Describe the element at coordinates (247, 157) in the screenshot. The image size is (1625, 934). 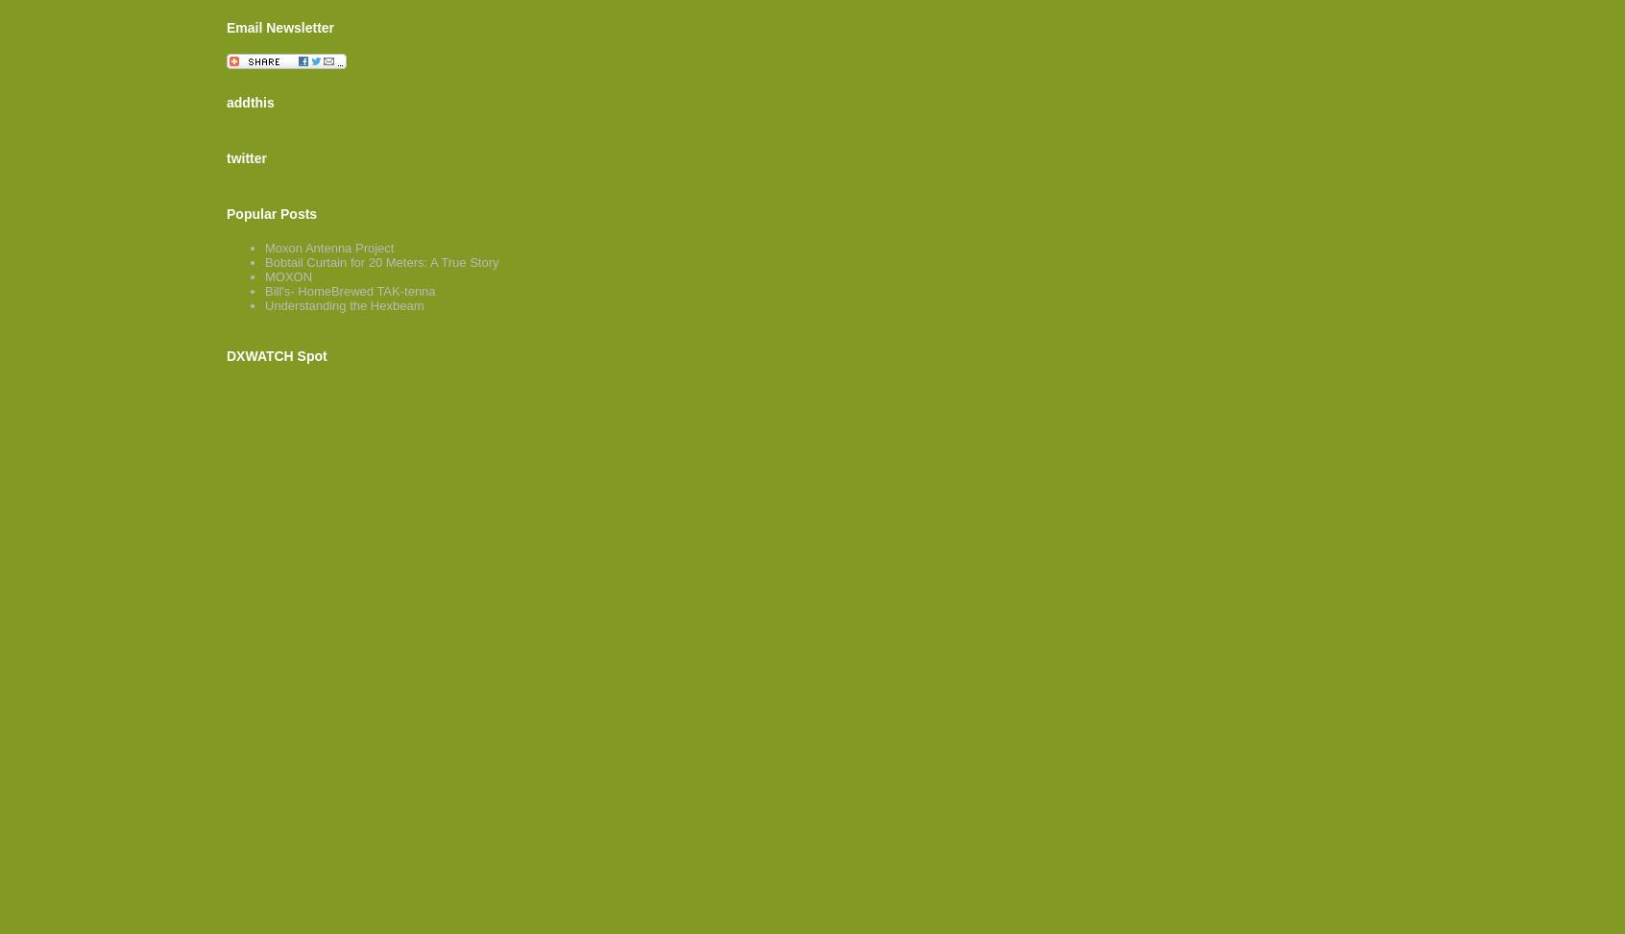
I see `'twitter'` at that location.